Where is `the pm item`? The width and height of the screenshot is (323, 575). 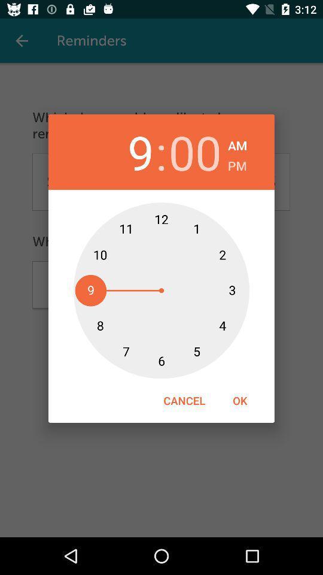
the pm item is located at coordinates (237, 164).